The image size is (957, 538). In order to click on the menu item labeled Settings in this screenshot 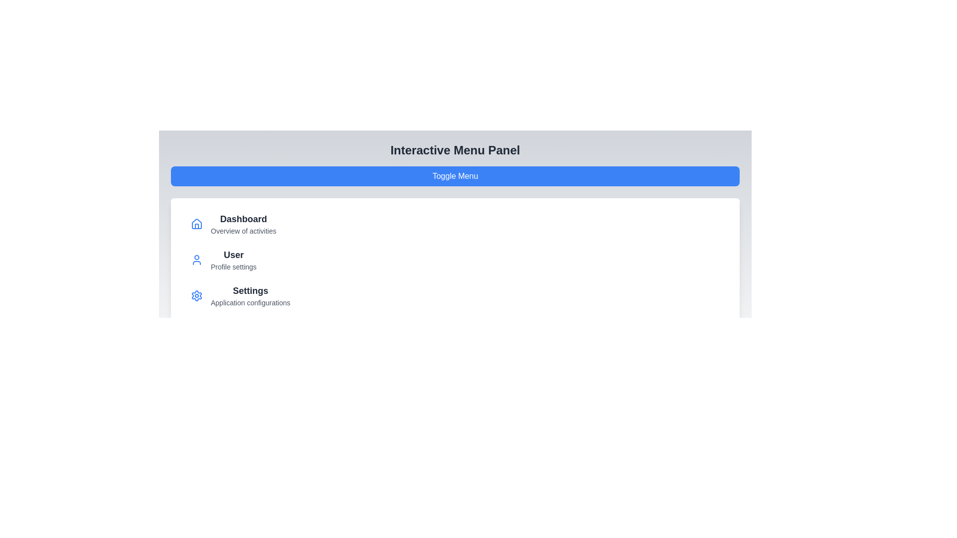, I will do `click(250, 290)`.